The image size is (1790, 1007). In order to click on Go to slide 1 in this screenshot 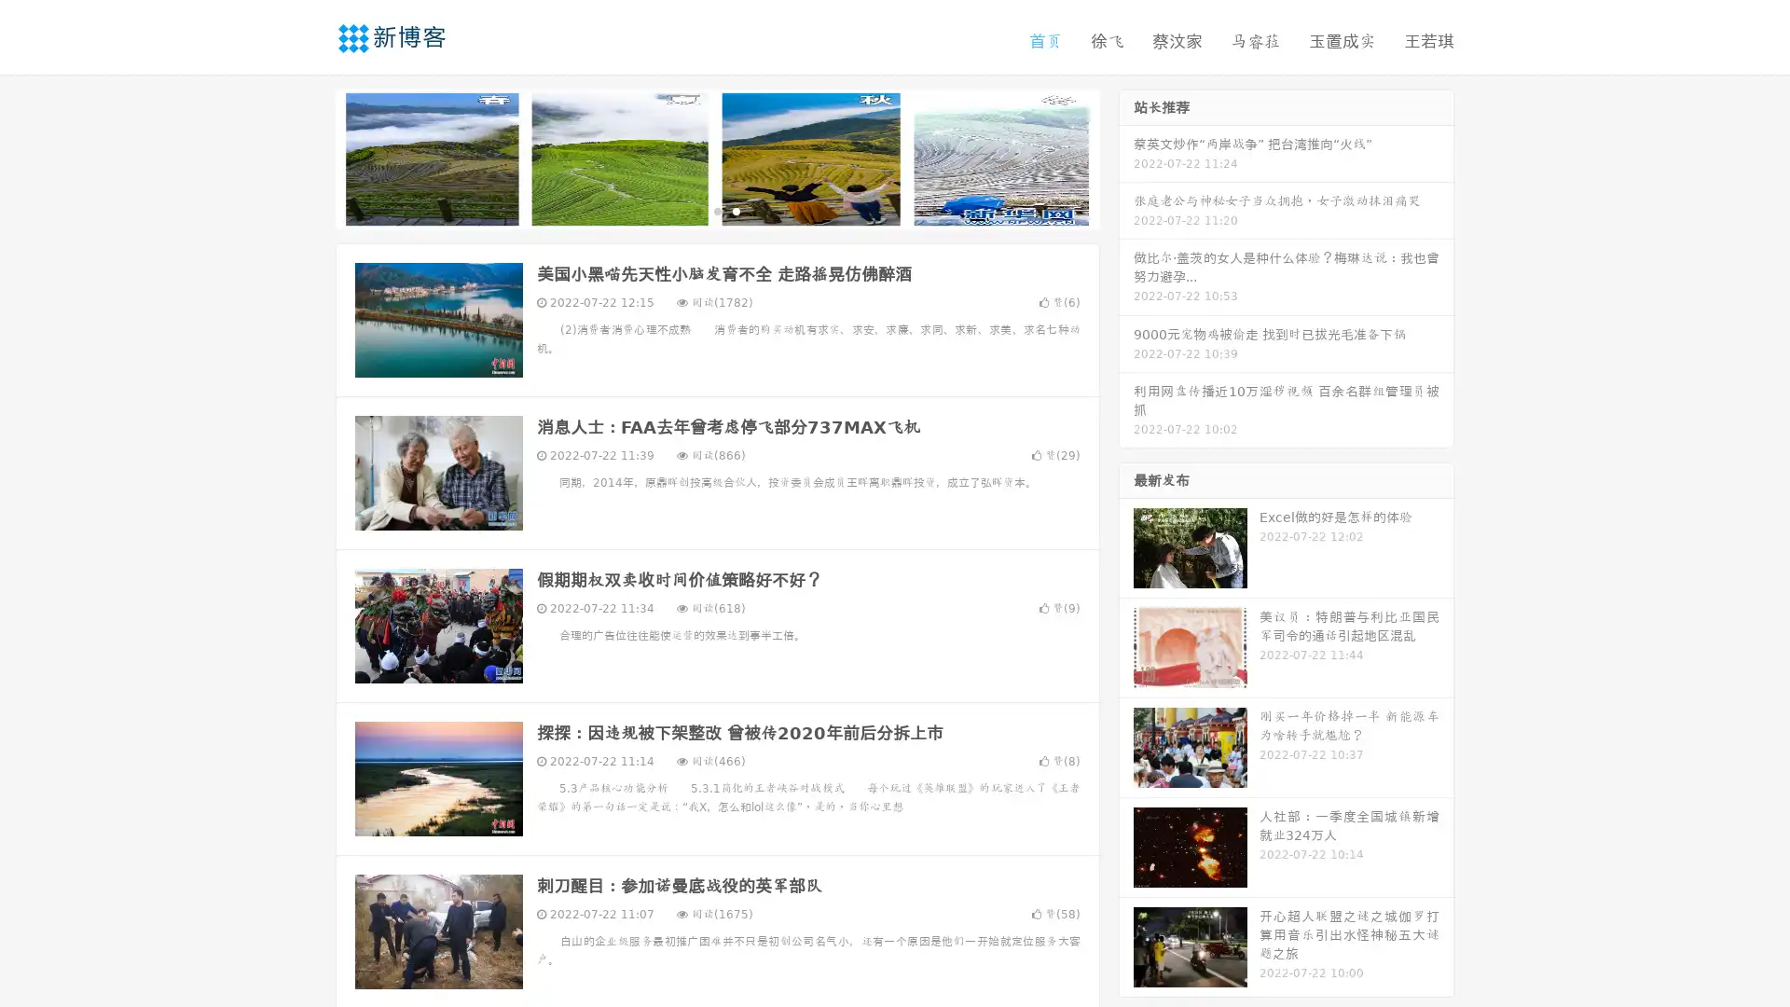, I will do `click(697, 210)`.